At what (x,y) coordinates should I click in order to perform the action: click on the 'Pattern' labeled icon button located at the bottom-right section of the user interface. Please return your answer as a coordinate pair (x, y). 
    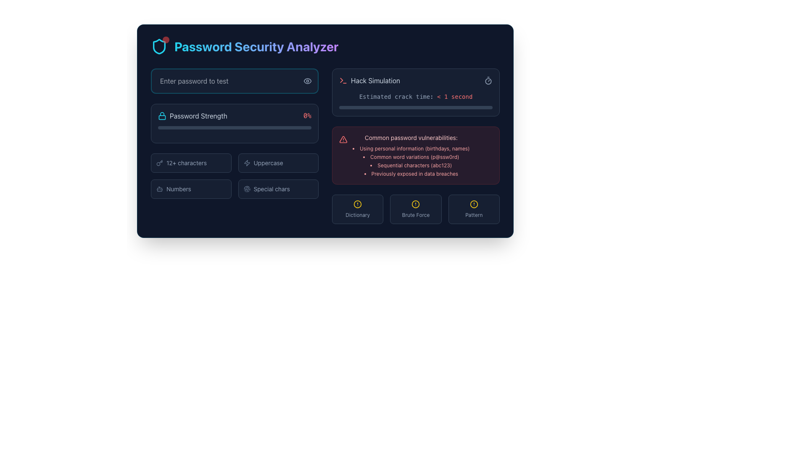
    Looking at the image, I should click on (474, 209).